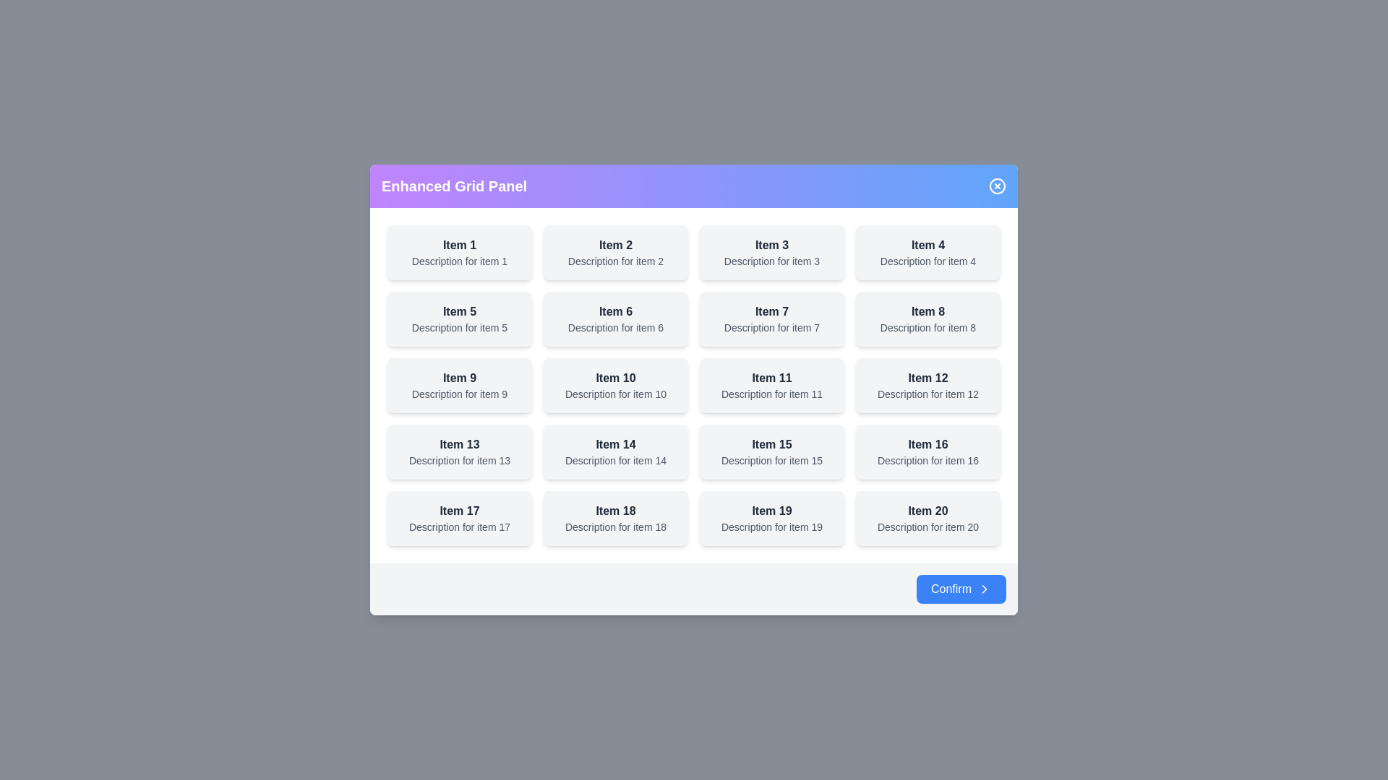 Image resolution: width=1388 pixels, height=780 pixels. Describe the element at coordinates (961, 589) in the screenshot. I see `the 'Confirm' button to proceed` at that location.